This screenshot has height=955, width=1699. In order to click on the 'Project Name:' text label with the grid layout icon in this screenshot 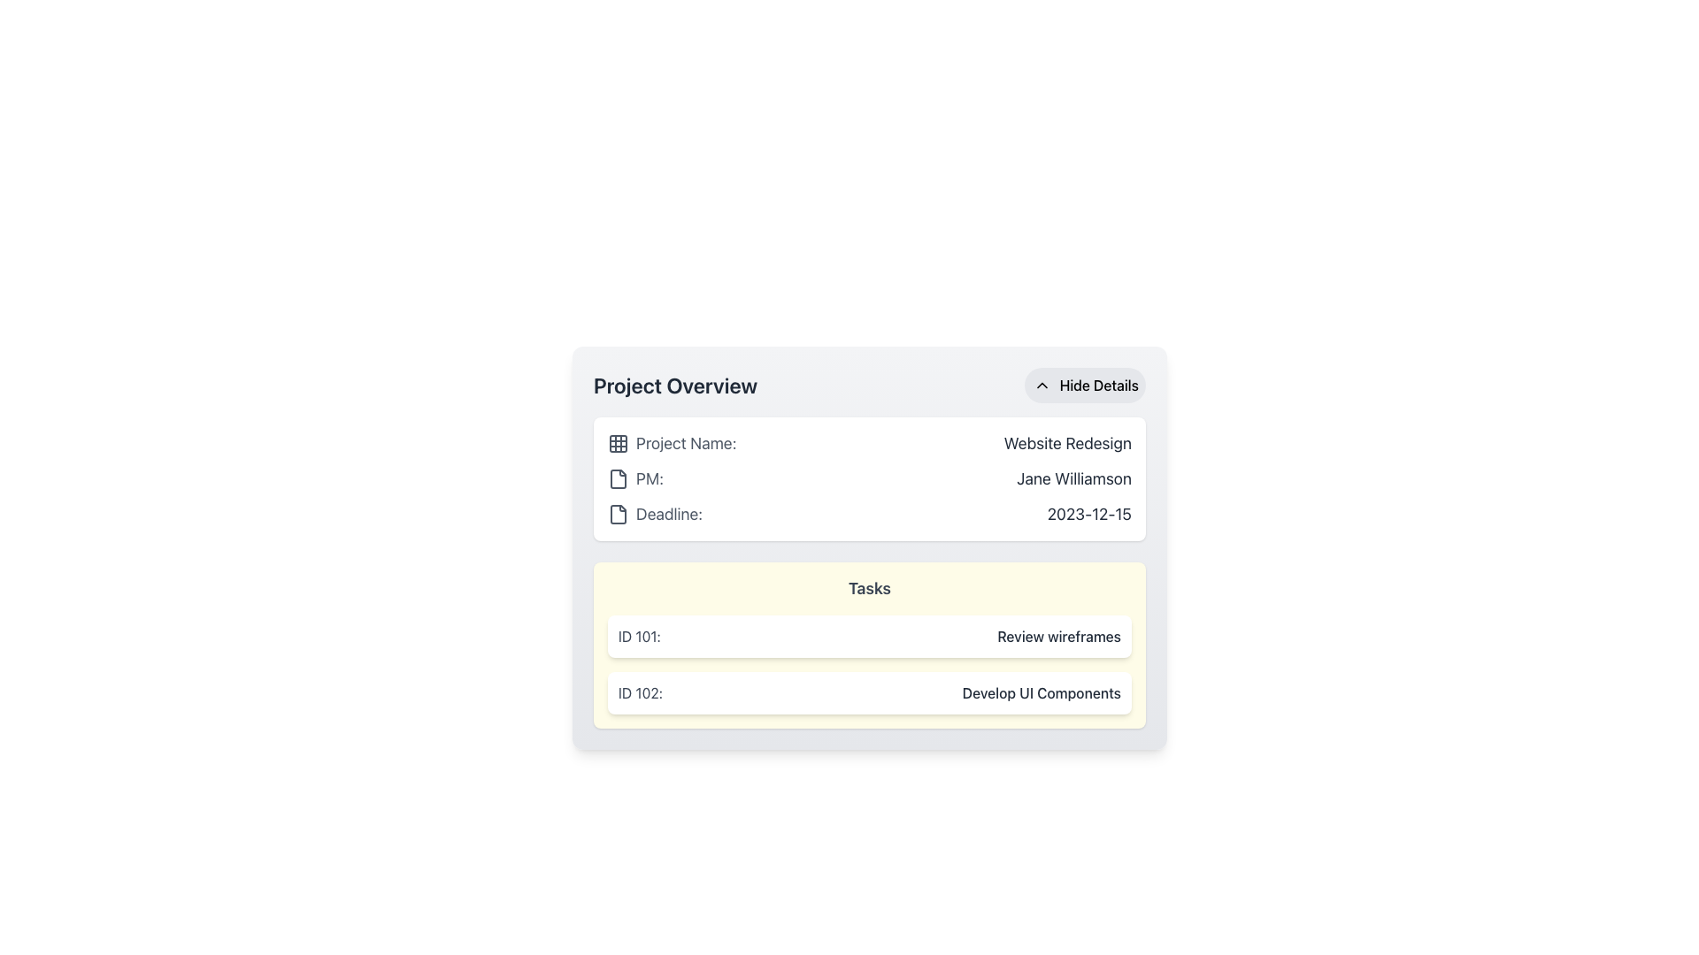, I will do `click(671, 442)`.